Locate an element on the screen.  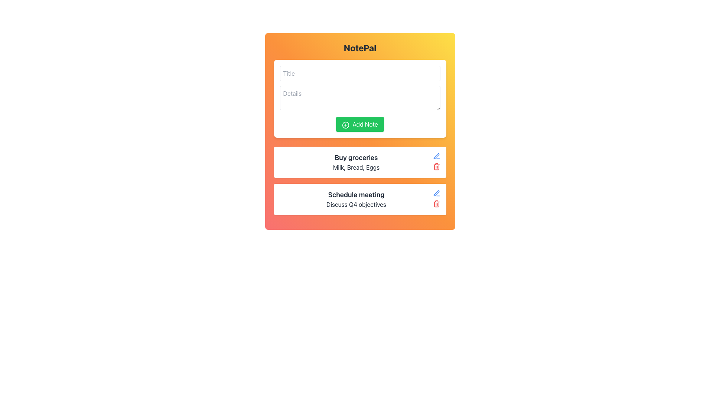
the descriptive text element located below the 'Schedule meeting' title, which provides additional information about the task or meeting is located at coordinates (356, 205).